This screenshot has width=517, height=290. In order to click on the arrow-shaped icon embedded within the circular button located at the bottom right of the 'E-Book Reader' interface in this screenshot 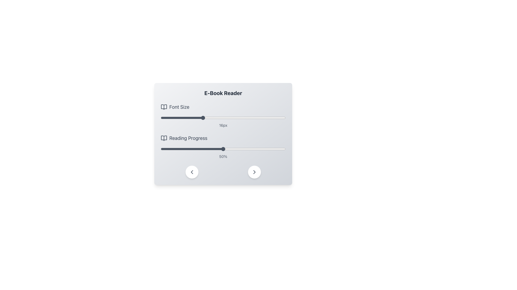, I will do `click(254, 172)`.